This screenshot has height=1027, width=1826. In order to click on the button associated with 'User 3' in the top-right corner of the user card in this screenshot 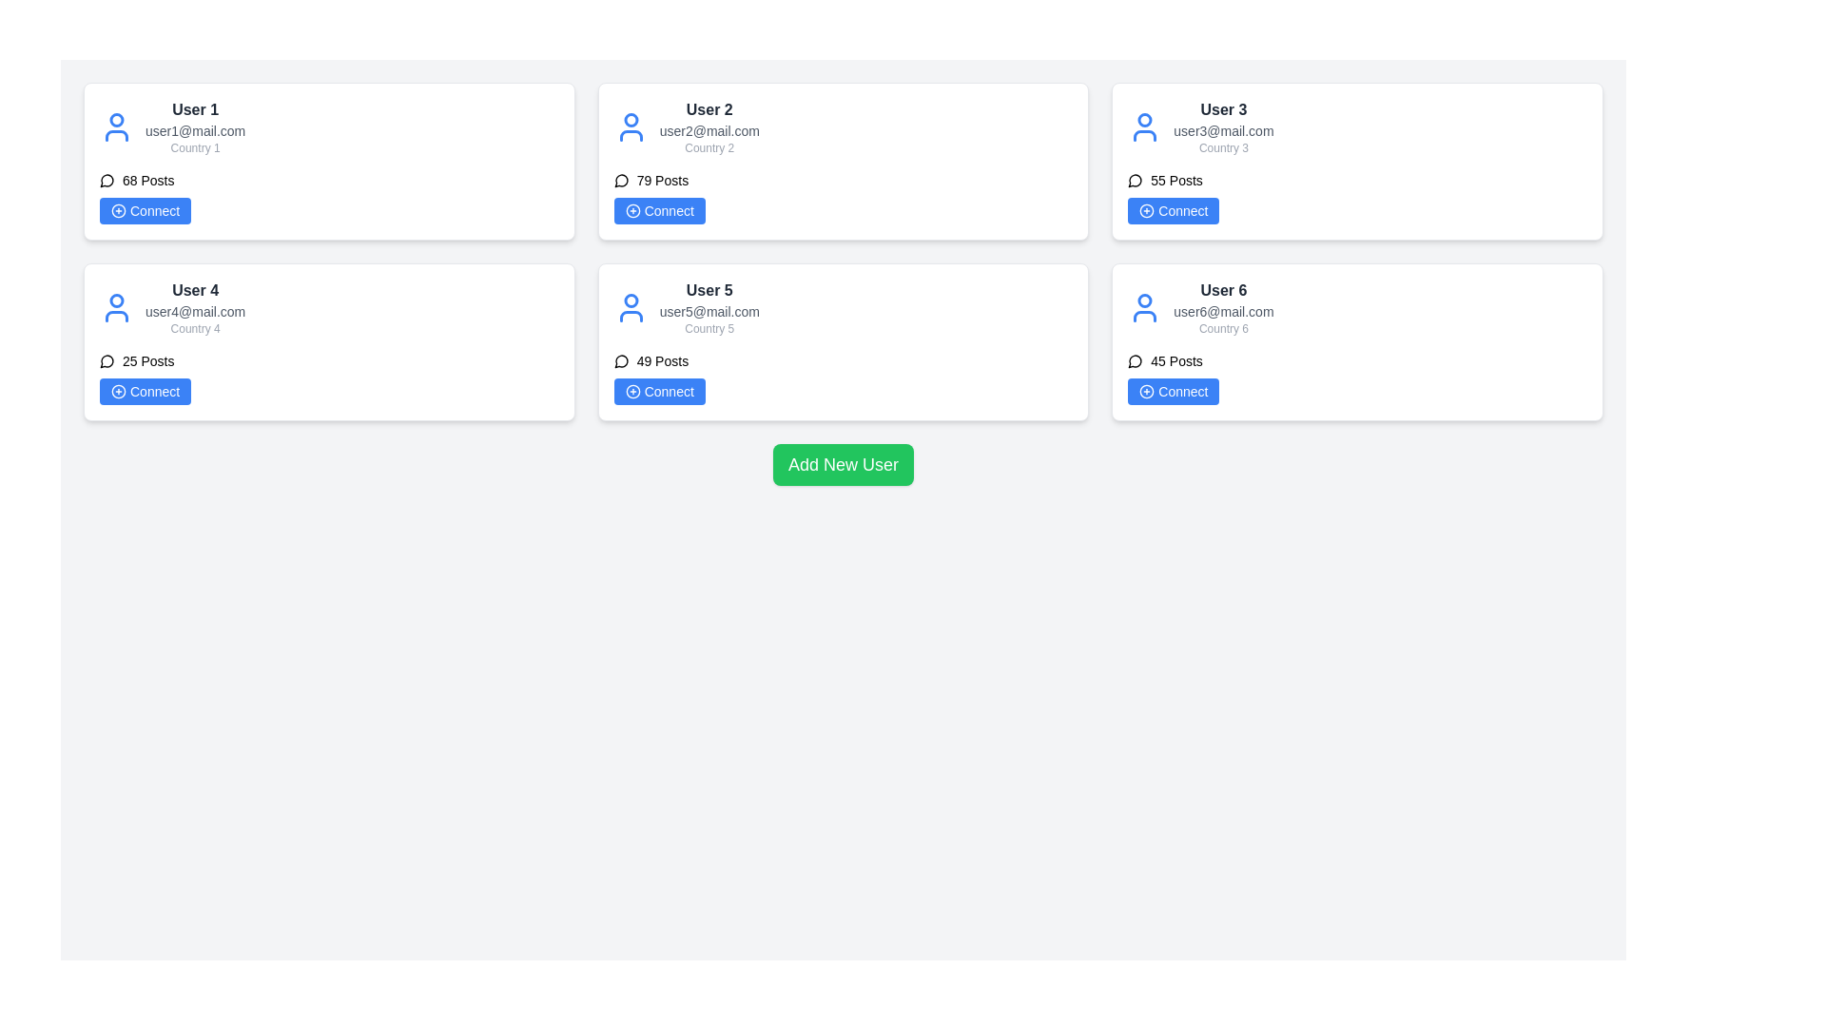, I will do `click(1173, 211)`.